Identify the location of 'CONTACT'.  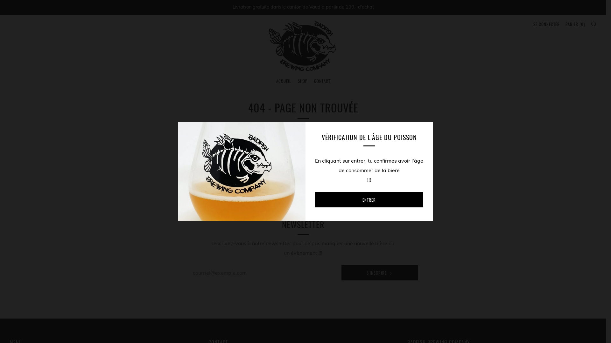
(322, 80).